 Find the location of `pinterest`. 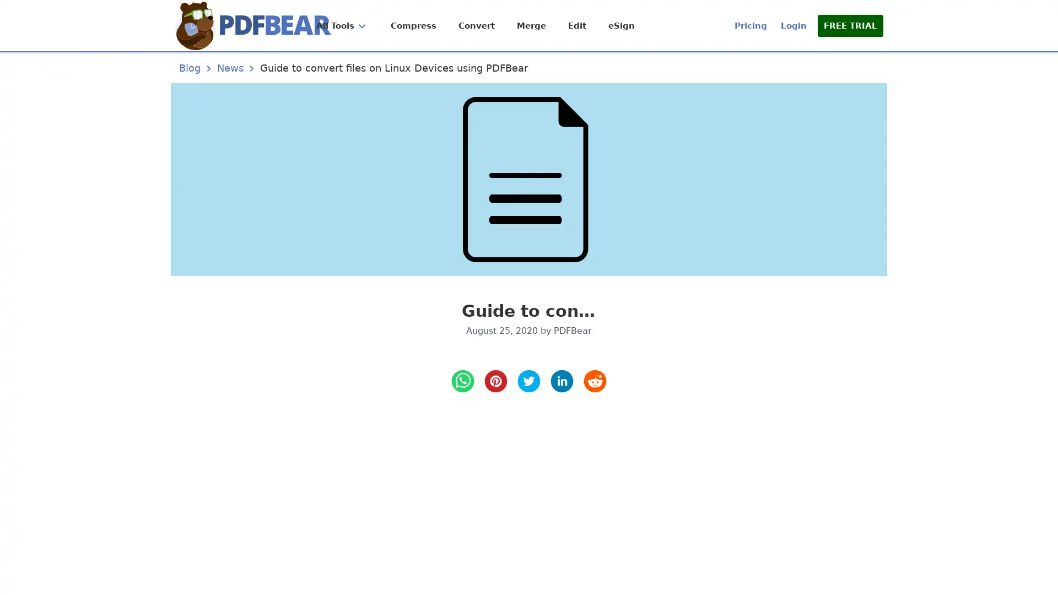

pinterest is located at coordinates (495, 380).